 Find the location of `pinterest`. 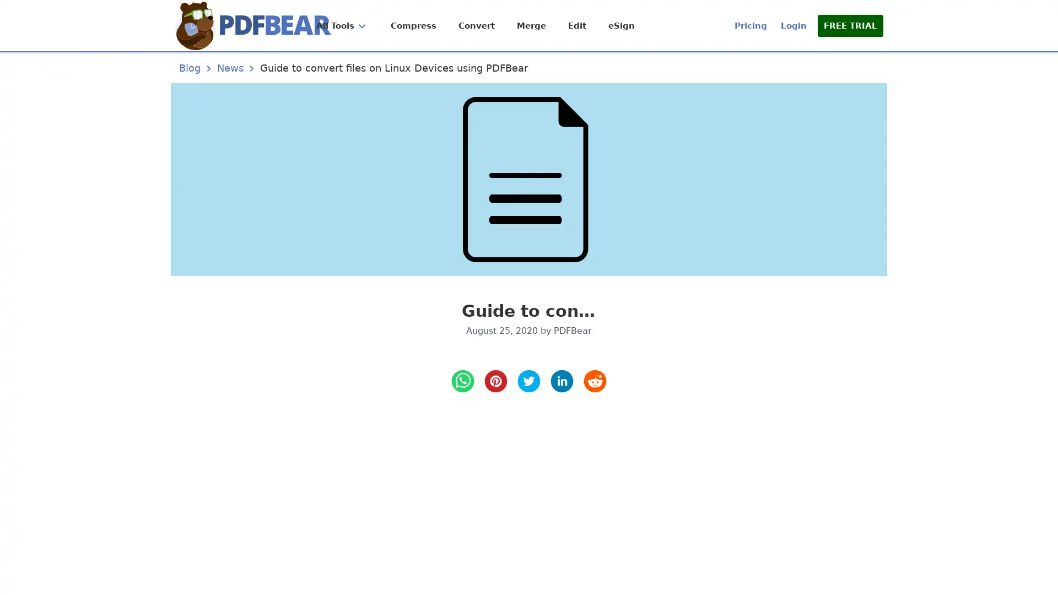

pinterest is located at coordinates (495, 380).